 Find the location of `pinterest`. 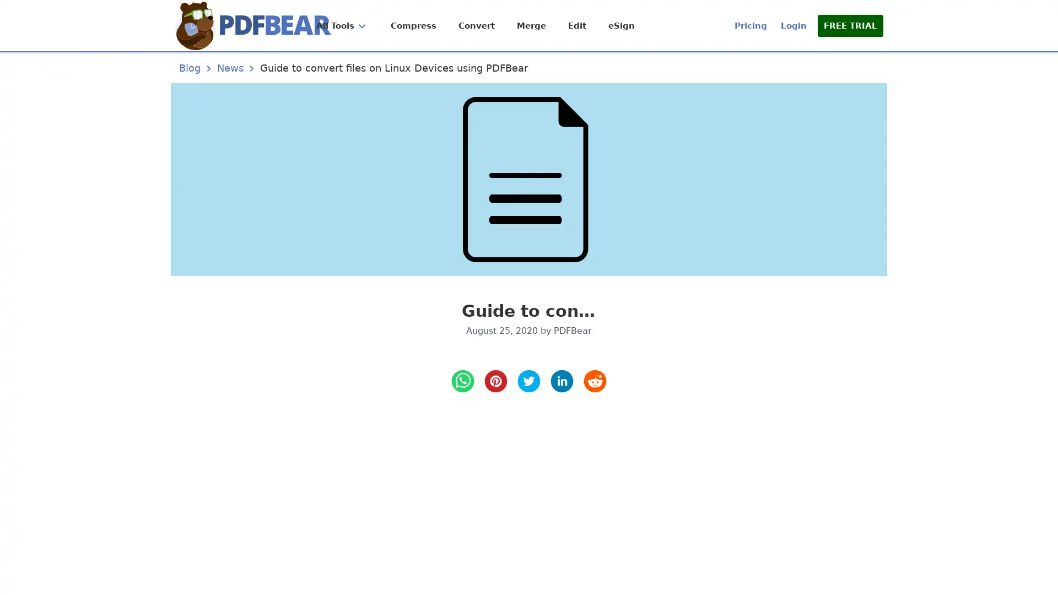

pinterest is located at coordinates (495, 380).